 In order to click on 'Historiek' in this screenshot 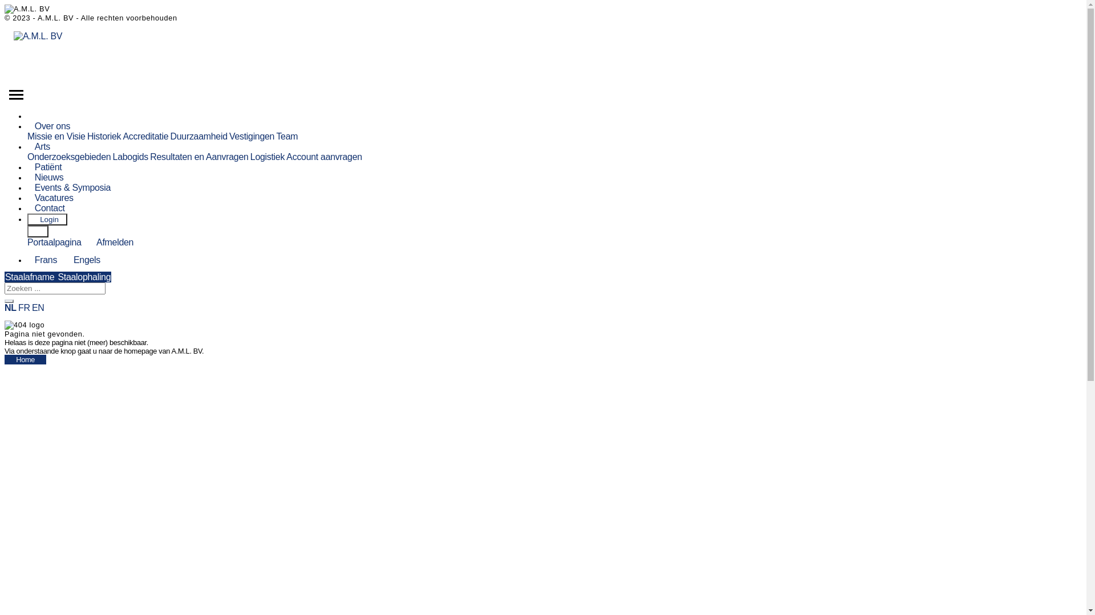, I will do `click(104, 136)`.